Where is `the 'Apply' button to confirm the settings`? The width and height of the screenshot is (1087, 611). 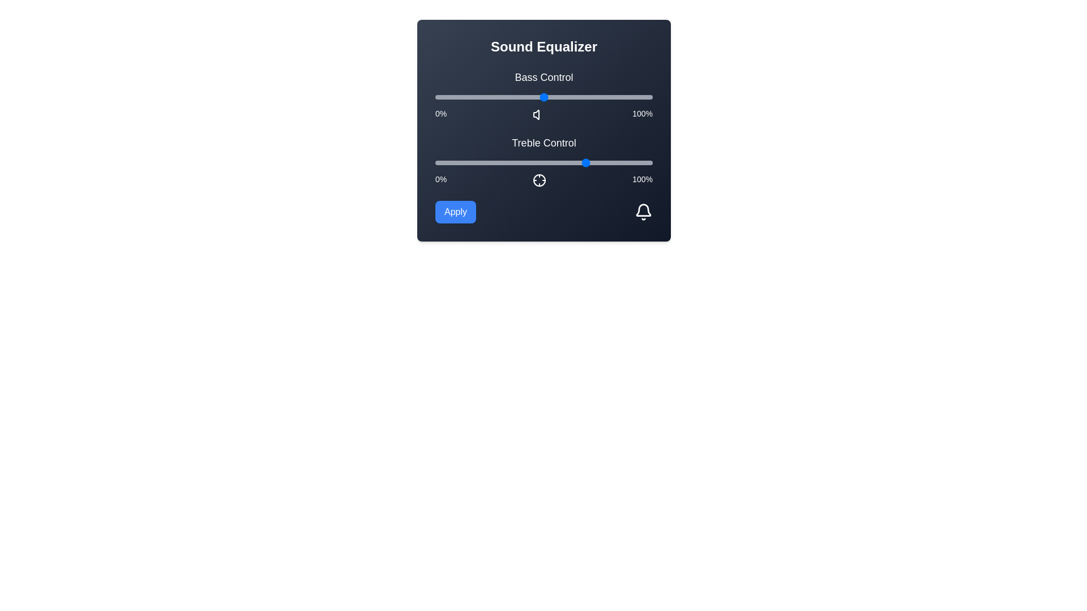
the 'Apply' button to confirm the settings is located at coordinates (456, 212).